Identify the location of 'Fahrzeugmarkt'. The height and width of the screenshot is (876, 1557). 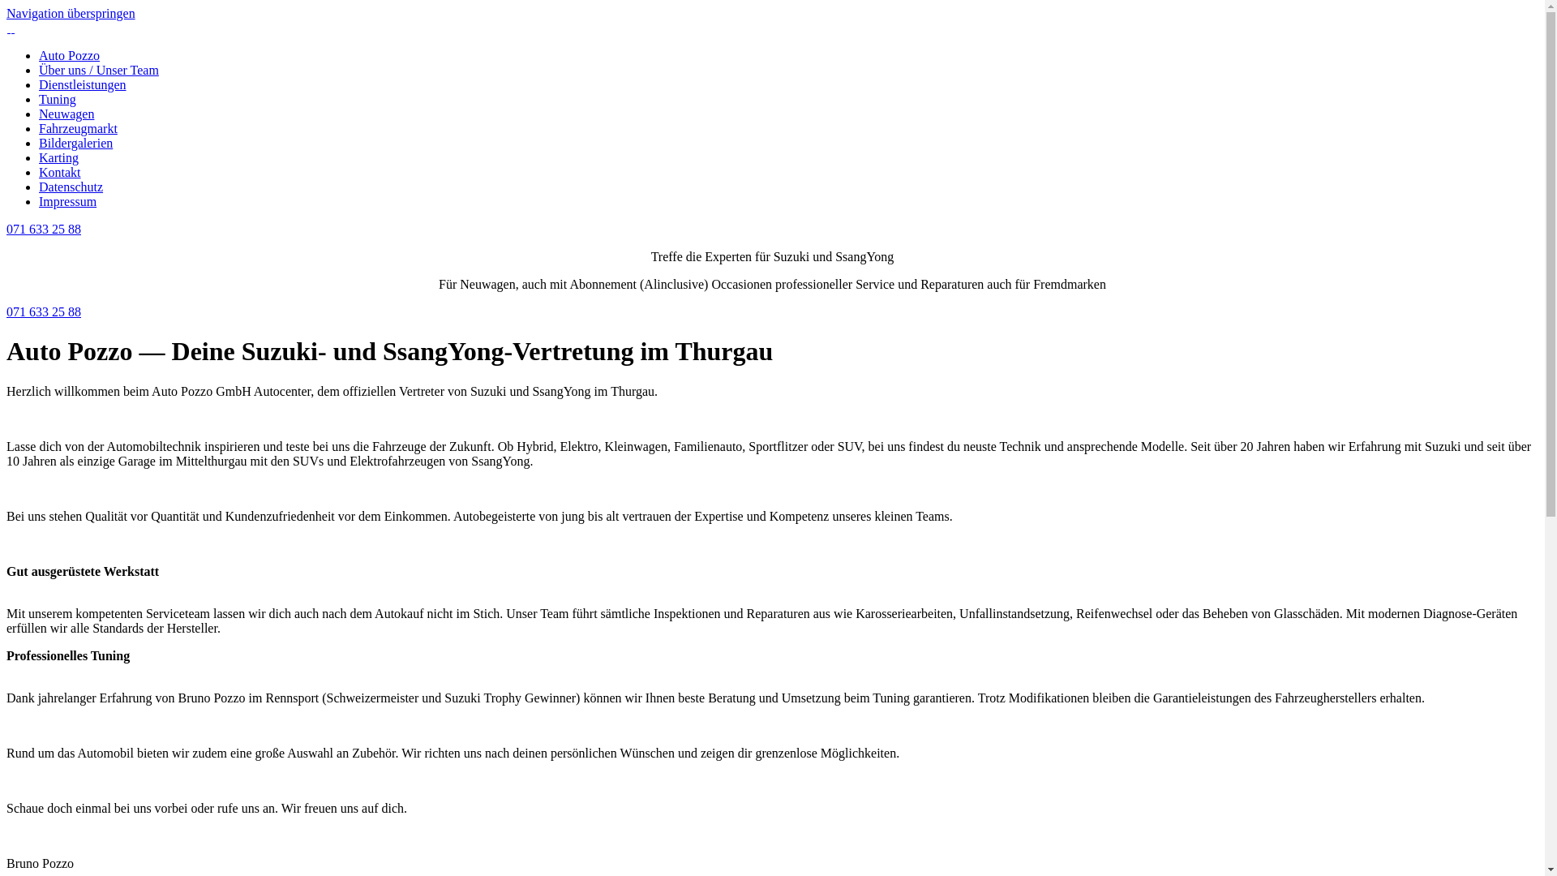
(77, 127).